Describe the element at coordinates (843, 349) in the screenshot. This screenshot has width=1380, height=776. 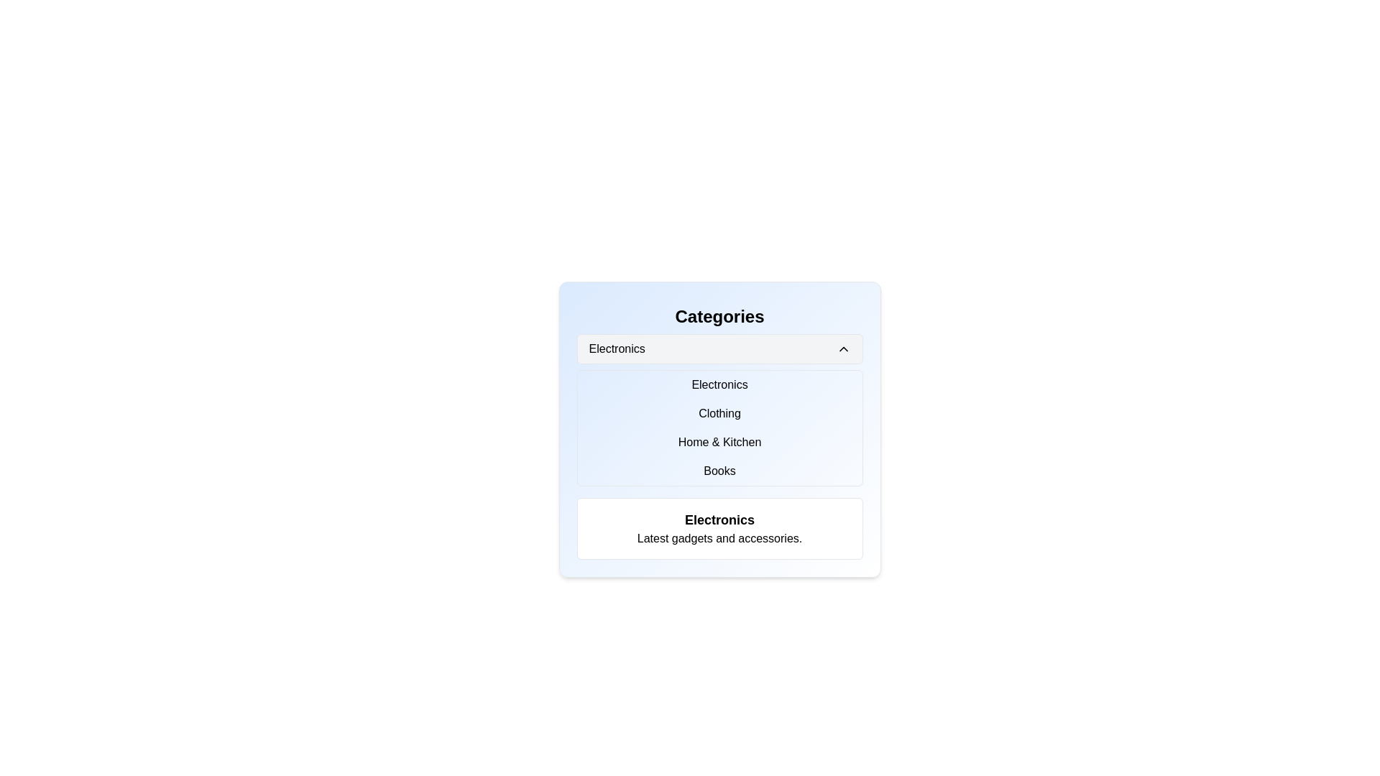
I see `the upward-pointing chevron icon, which is styled with a plain black stroke and a transparent fill, located to the far right of the 'Electronics' text` at that location.